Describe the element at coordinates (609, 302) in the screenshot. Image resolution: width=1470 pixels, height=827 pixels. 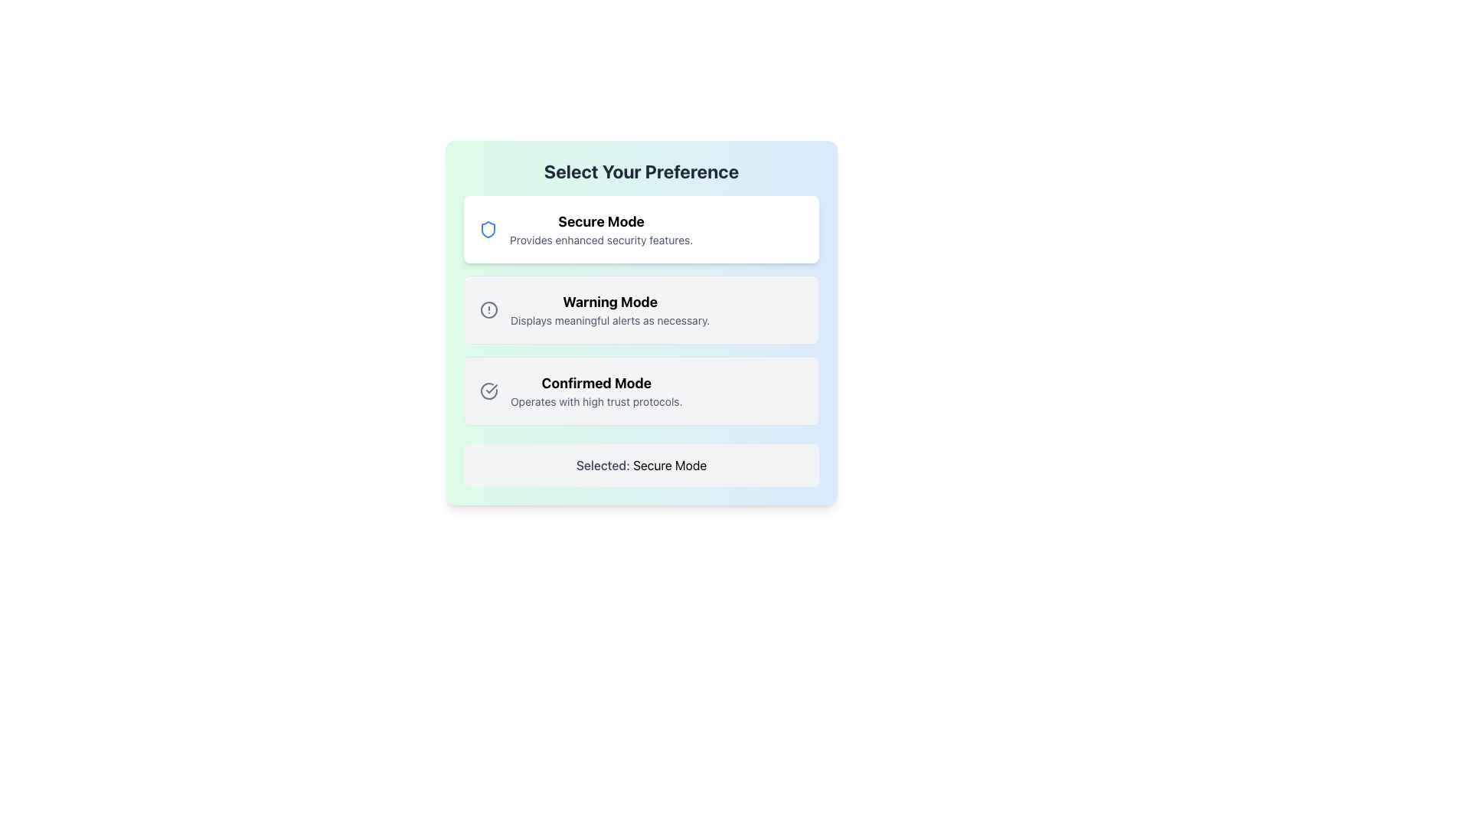
I see `the 'Warning Mode' text label, which serves as the header for the selection option located in the second block of preference options, beneath 'Secure Mode' and above the description text` at that location.